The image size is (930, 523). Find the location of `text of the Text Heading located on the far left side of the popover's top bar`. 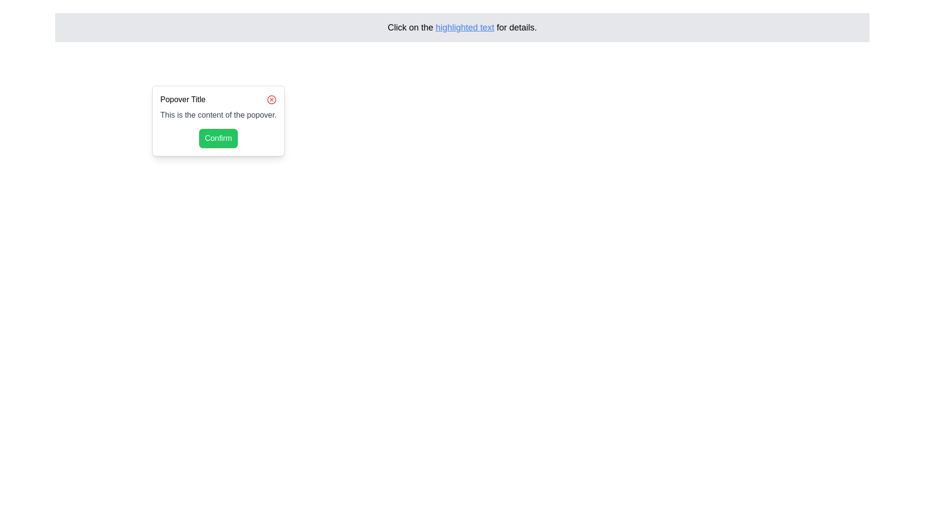

text of the Text Heading located on the far left side of the popover's top bar is located at coordinates (183, 99).